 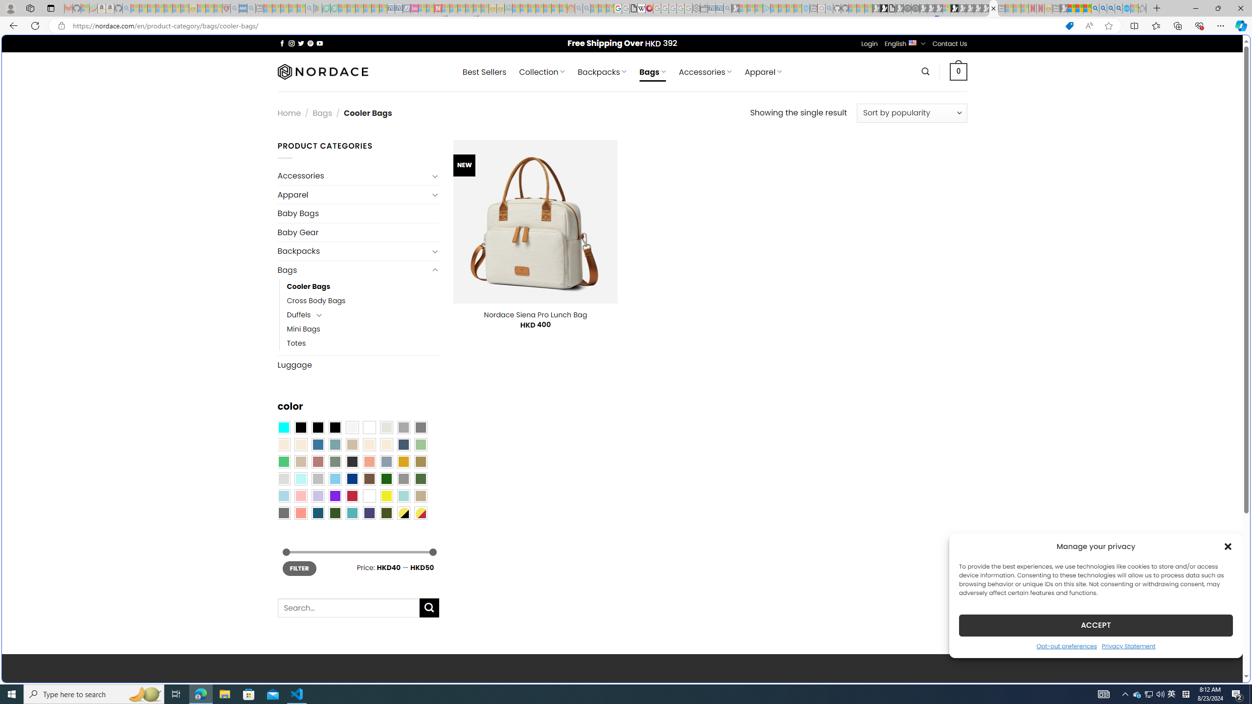 I want to click on 'Privacy Statement', so click(x=1128, y=645).